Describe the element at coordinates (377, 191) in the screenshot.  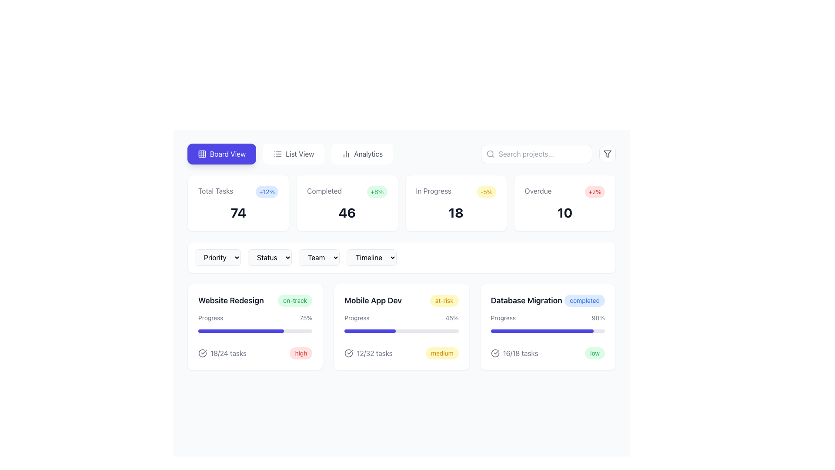
I see `the green status badge labeled '+8%' located to the right of the text 'Completed' in the task status layout` at that location.